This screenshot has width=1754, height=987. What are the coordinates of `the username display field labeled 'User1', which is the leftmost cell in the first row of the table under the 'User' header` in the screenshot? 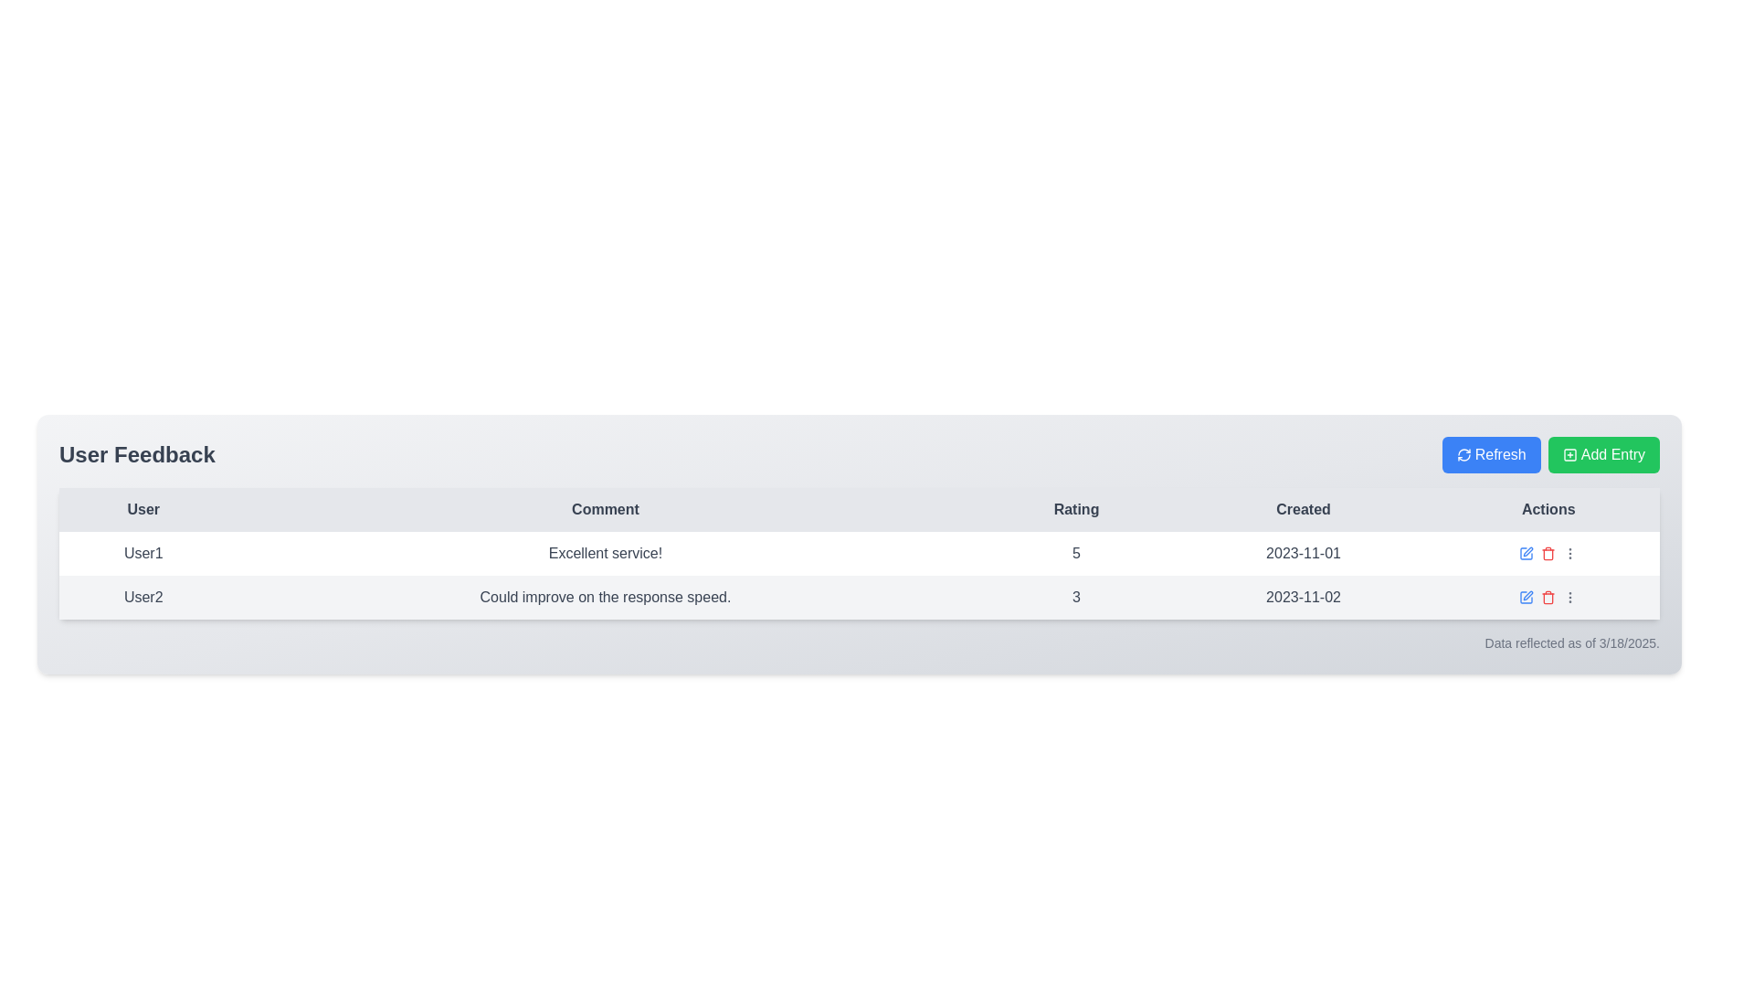 It's located at (143, 552).